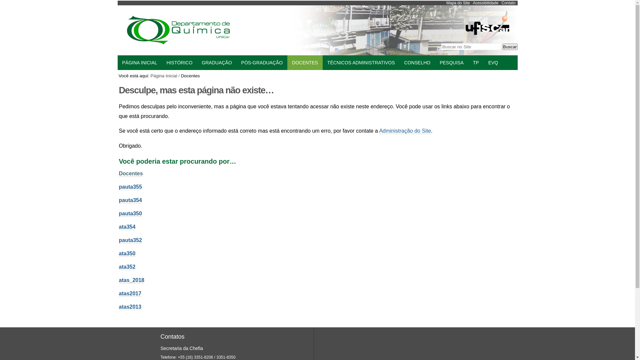 The width and height of the screenshot is (640, 360). What do you see at coordinates (130, 187) in the screenshot?
I see `'pauta355'` at bounding box center [130, 187].